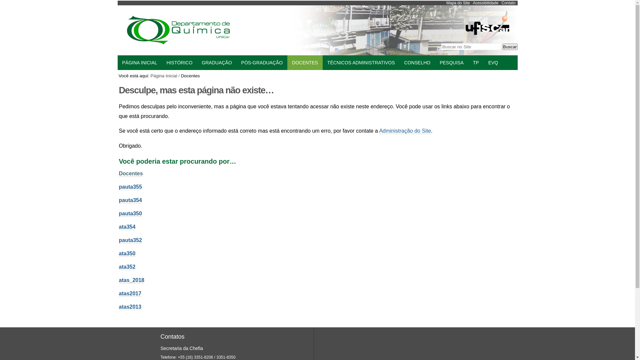 The width and height of the screenshot is (640, 360). What do you see at coordinates (130, 187) in the screenshot?
I see `'pauta355'` at bounding box center [130, 187].